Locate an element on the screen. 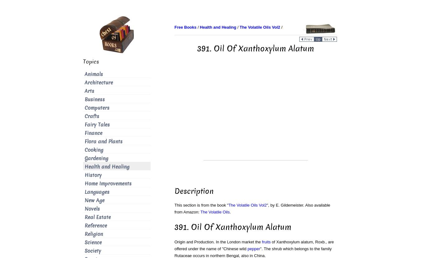  'Business' is located at coordinates (95, 99).